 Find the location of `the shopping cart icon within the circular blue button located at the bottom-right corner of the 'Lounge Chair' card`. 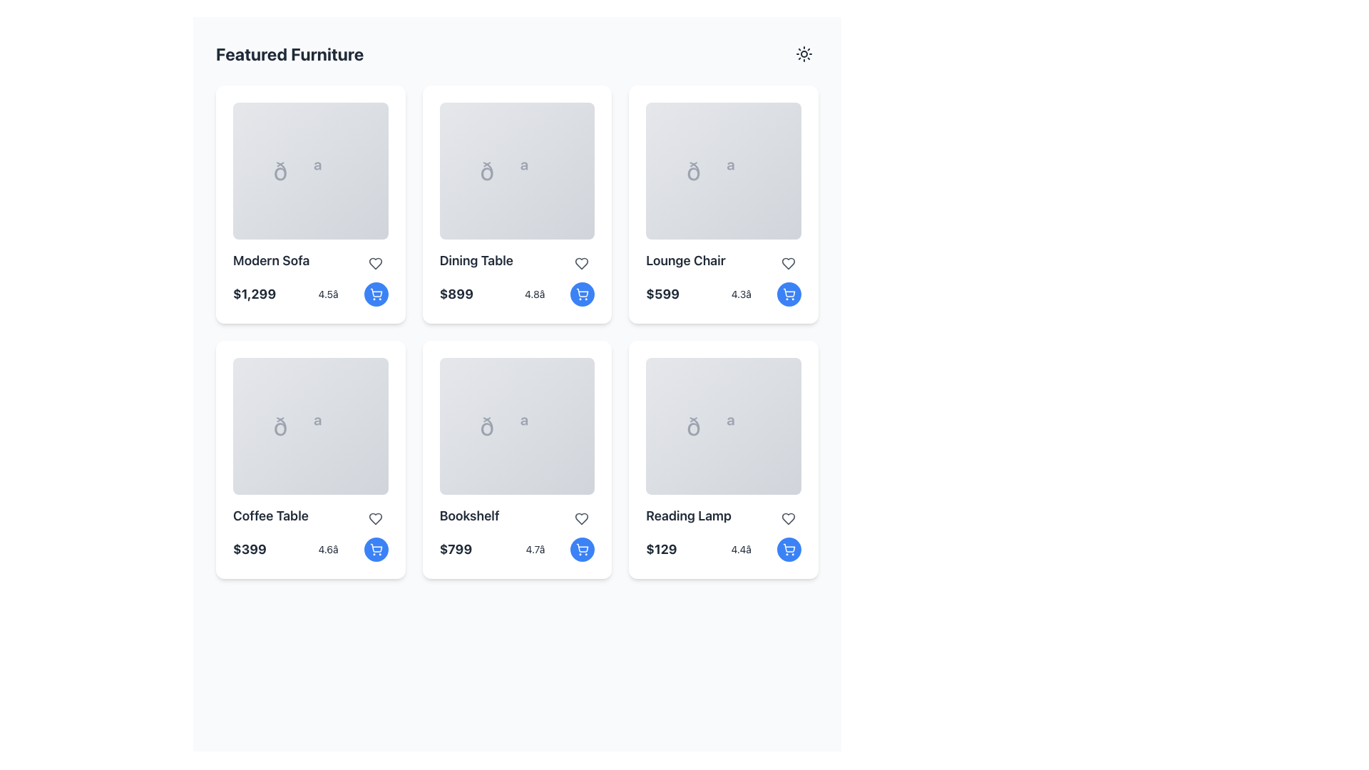

the shopping cart icon within the circular blue button located at the bottom-right corner of the 'Lounge Chair' card is located at coordinates (789, 293).